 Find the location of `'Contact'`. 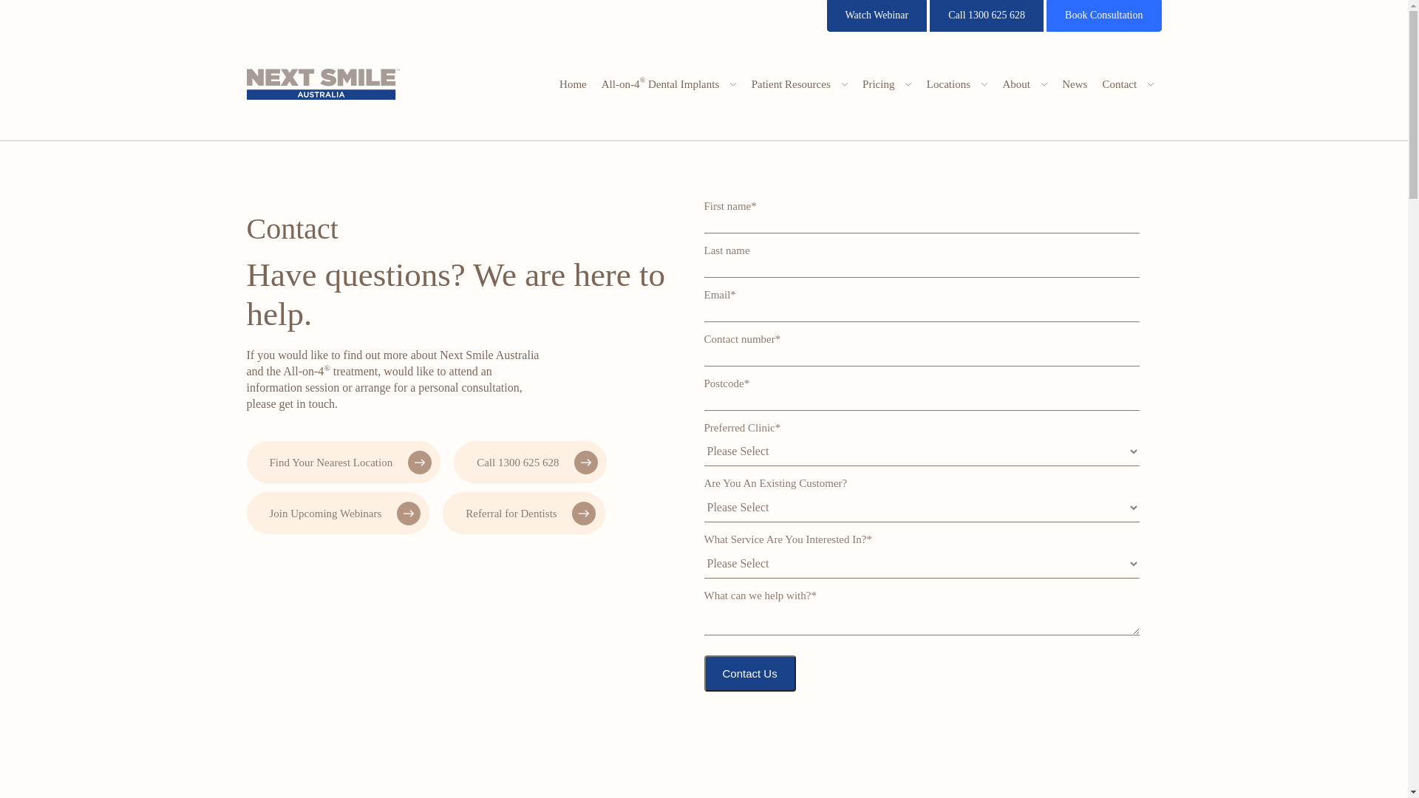

'Contact' is located at coordinates (1127, 84).